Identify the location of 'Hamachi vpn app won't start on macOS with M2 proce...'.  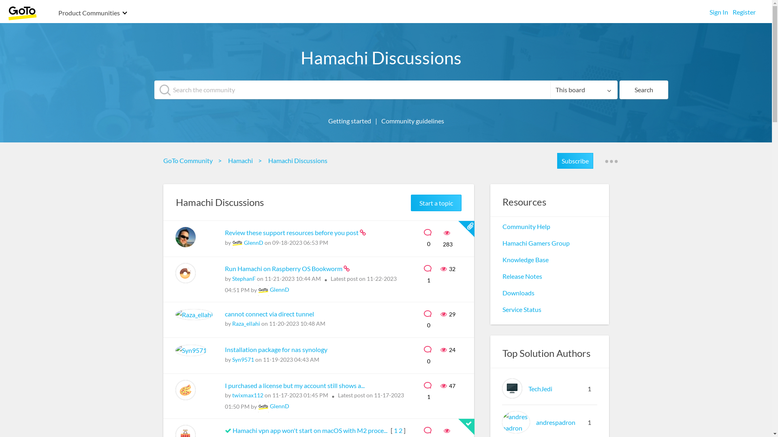
(310, 430).